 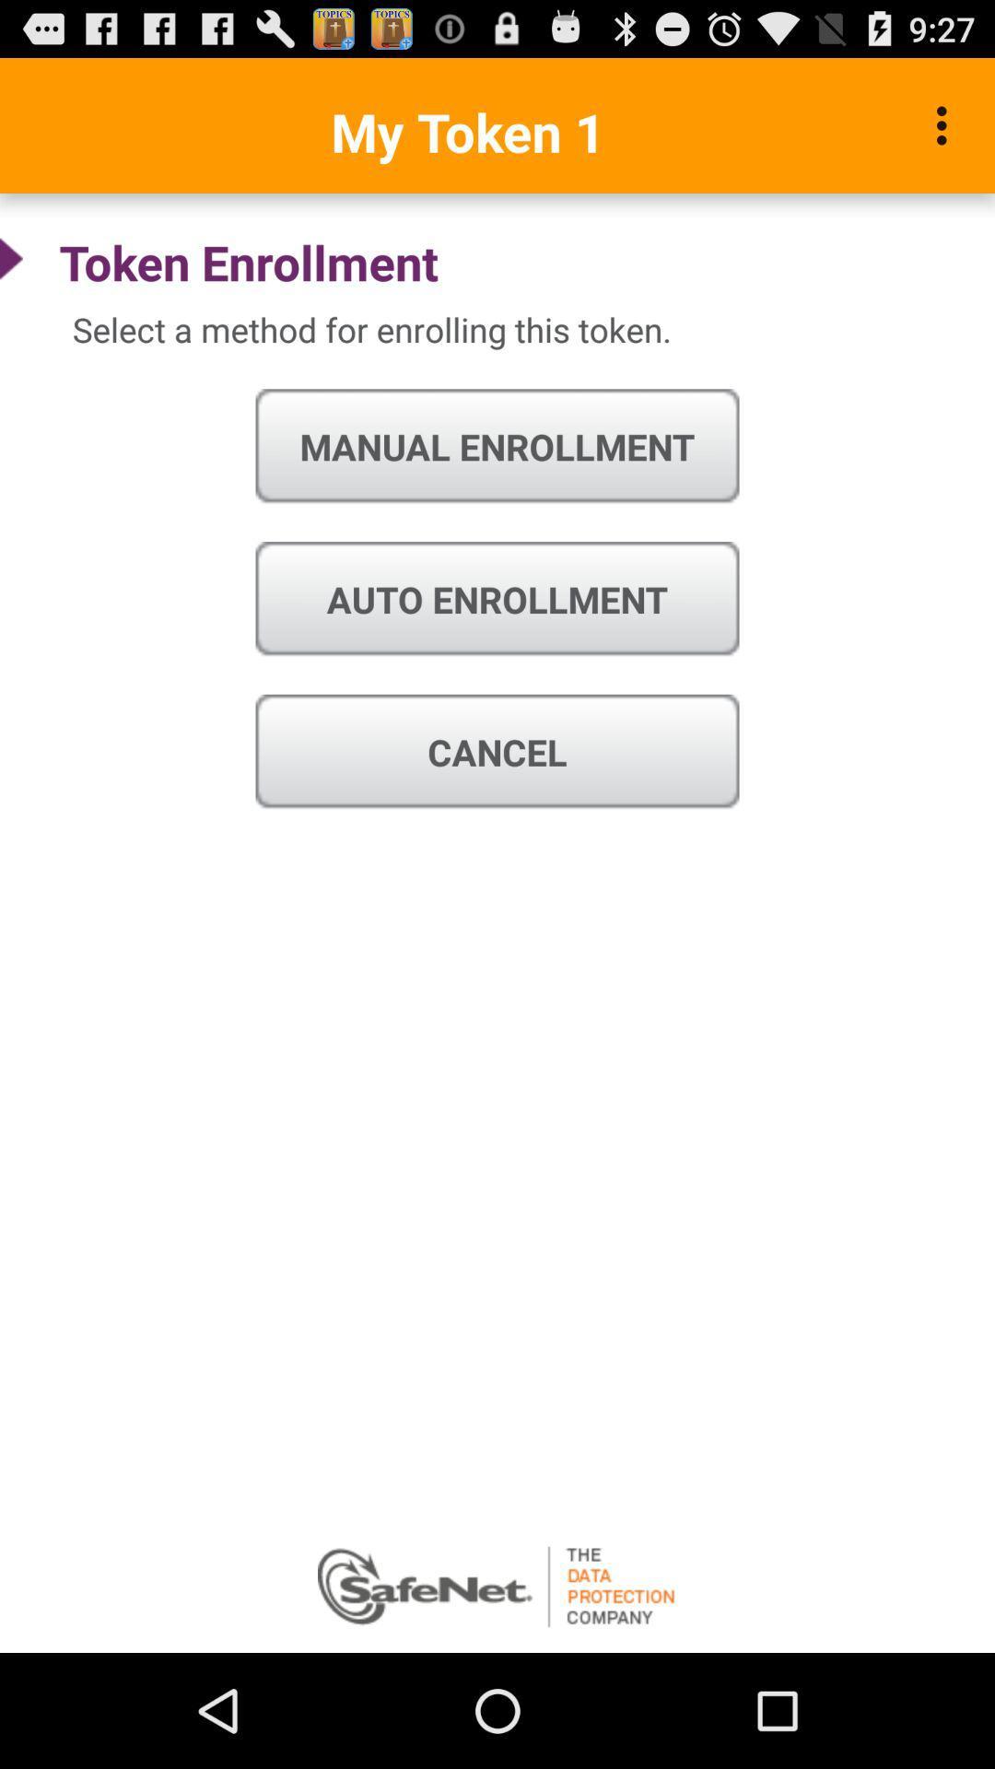 I want to click on icon below the manual enrollment, so click(x=497, y=600).